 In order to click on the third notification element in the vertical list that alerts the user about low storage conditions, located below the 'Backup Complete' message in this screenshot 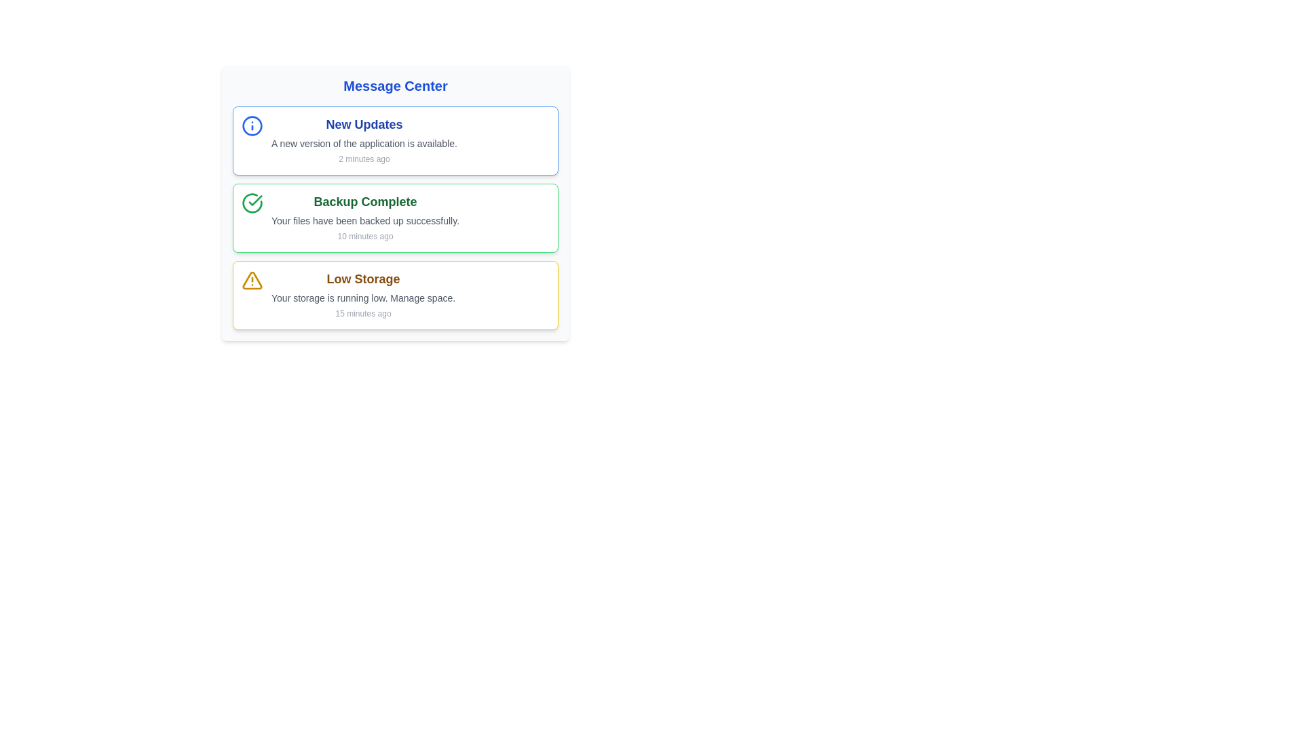, I will do `click(363, 294)`.